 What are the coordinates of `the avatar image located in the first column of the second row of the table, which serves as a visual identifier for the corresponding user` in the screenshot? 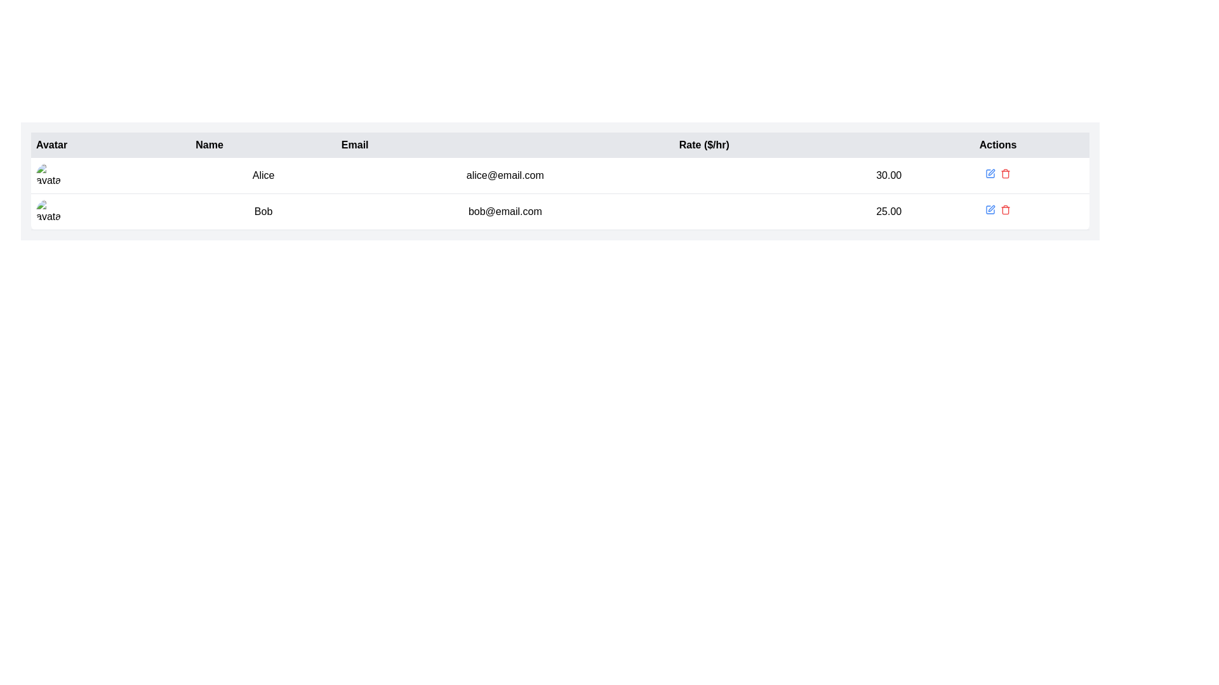 It's located at (48, 211).